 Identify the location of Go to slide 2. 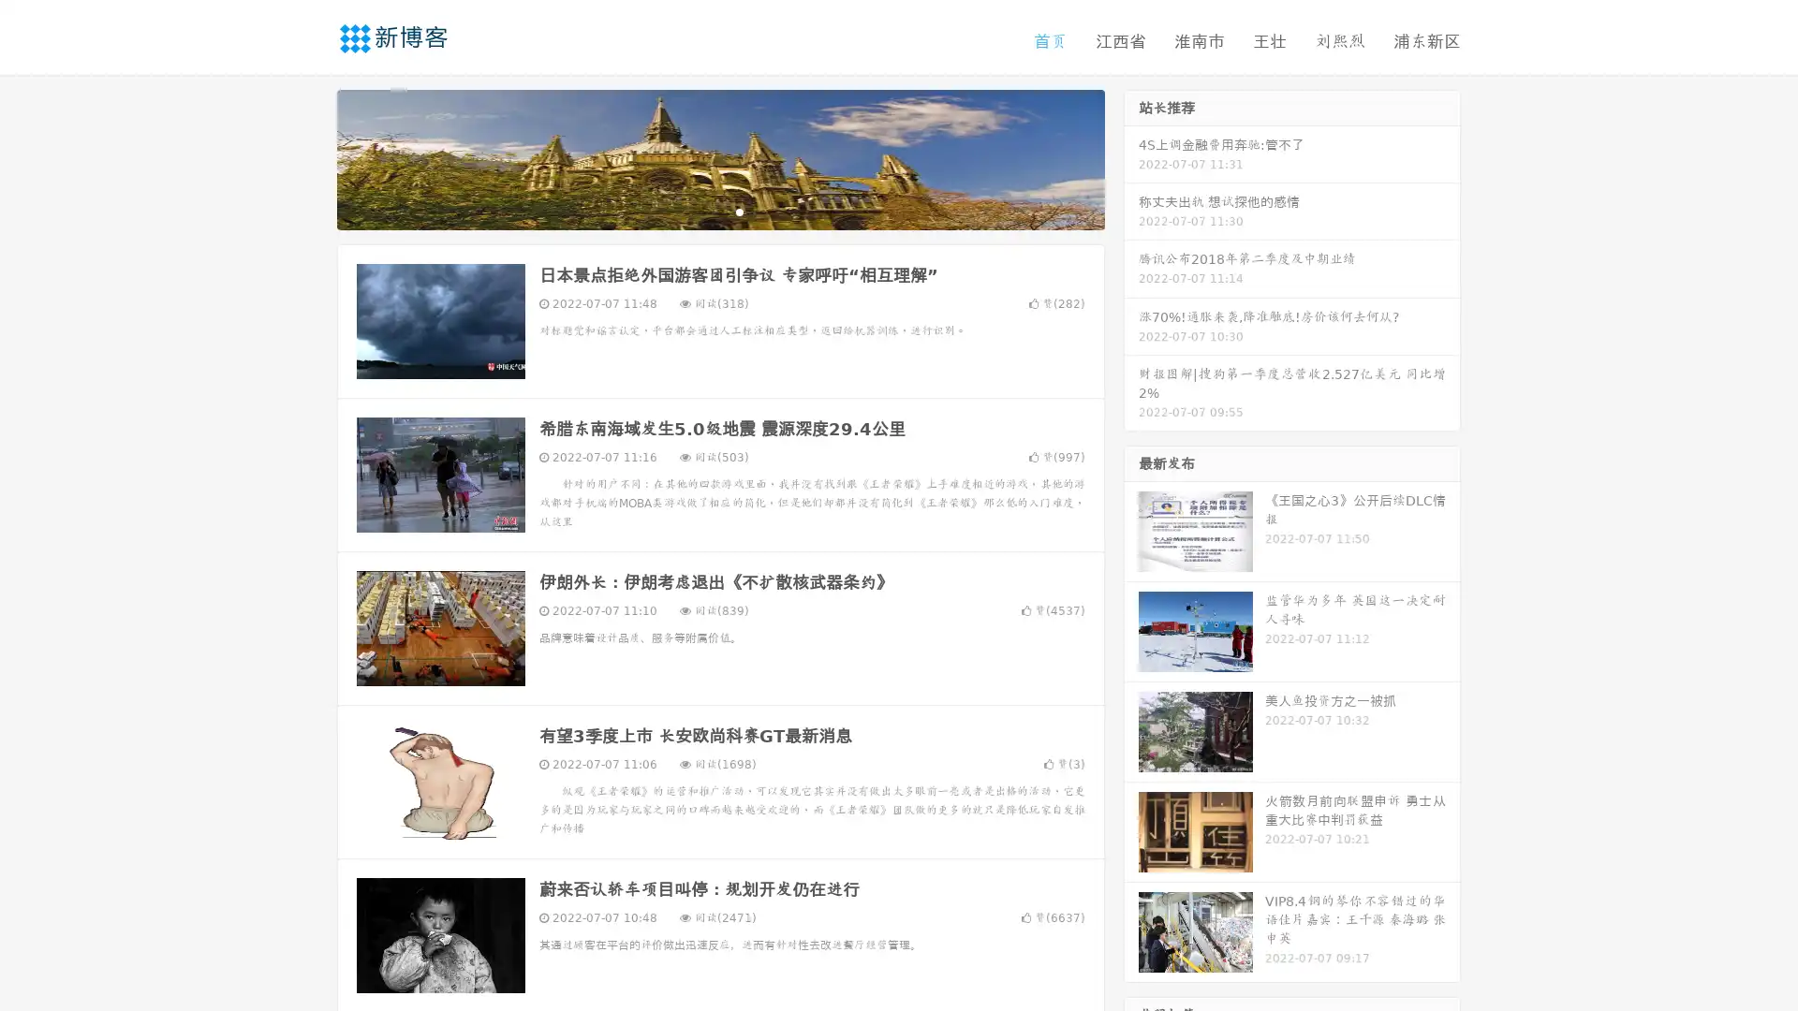
(719, 211).